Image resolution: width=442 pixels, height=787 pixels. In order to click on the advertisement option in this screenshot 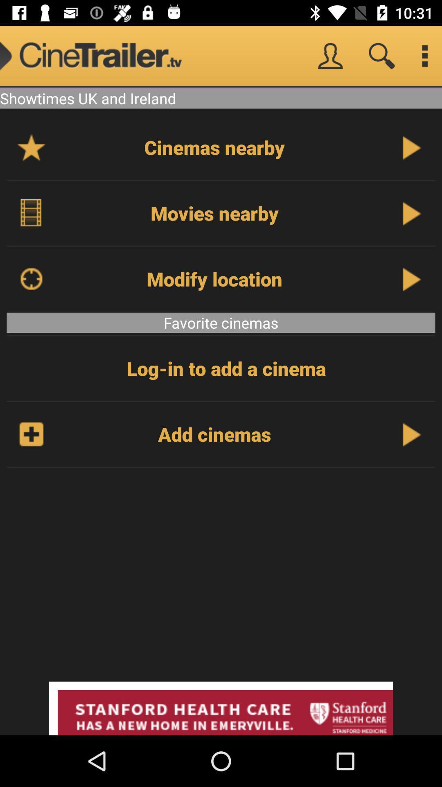, I will do `click(221, 708)`.